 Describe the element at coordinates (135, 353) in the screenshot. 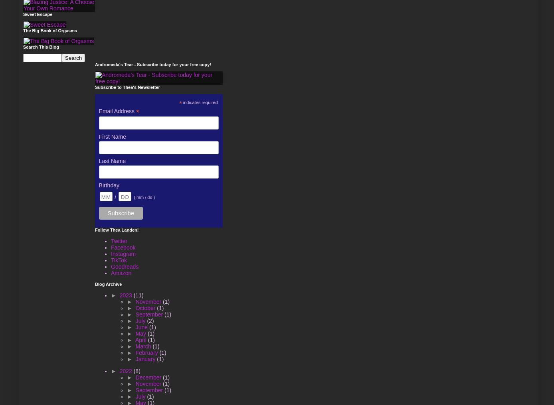

I see `'February'` at that location.